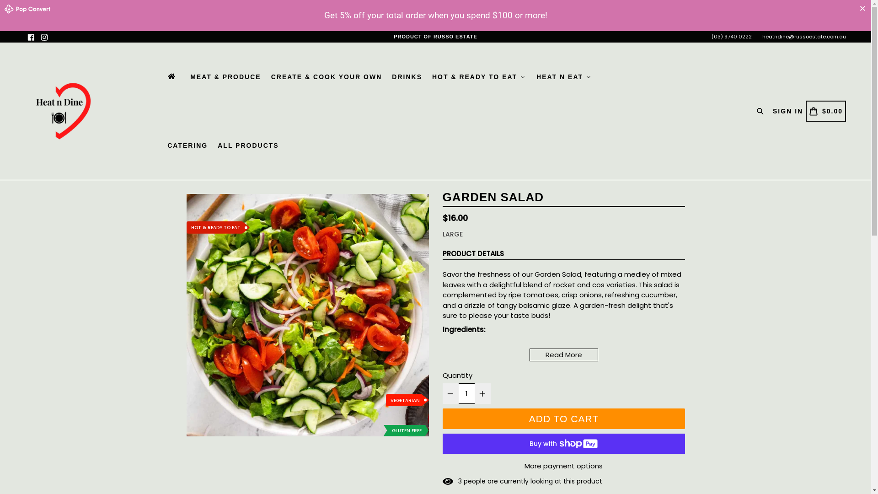  What do you see at coordinates (563, 419) in the screenshot?
I see `'ADD TO CART'` at bounding box center [563, 419].